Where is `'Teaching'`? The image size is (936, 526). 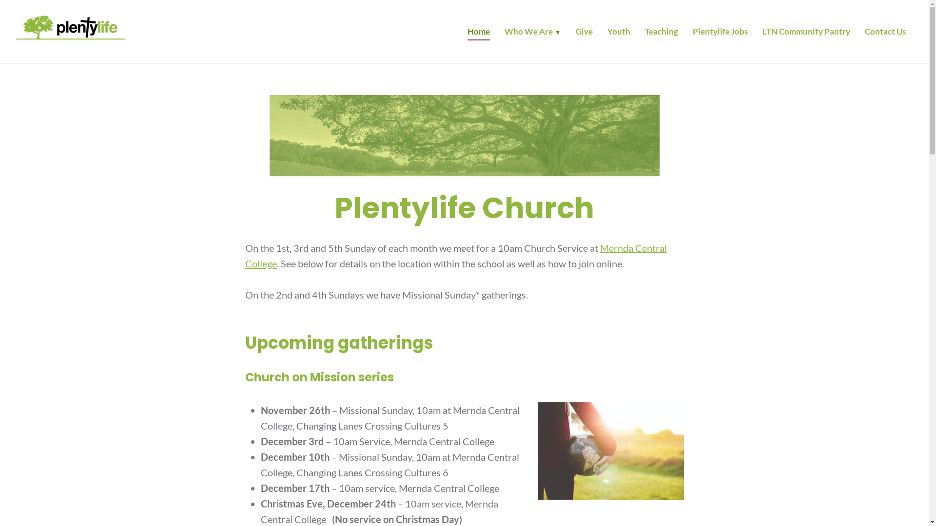
'Teaching' is located at coordinates (662, 33).